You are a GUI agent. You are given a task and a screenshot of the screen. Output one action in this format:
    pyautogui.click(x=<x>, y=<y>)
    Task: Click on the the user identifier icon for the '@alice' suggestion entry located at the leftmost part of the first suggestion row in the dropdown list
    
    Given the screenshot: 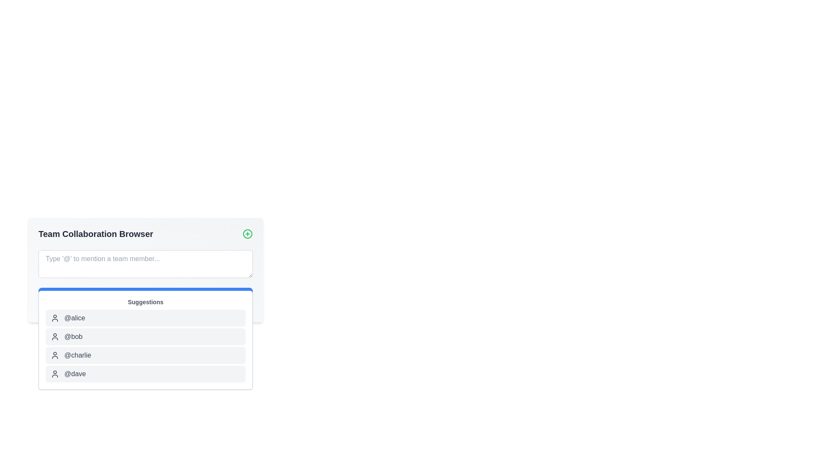 What is the action you would take?
    pyautogui.click(x=54, y=318)
    